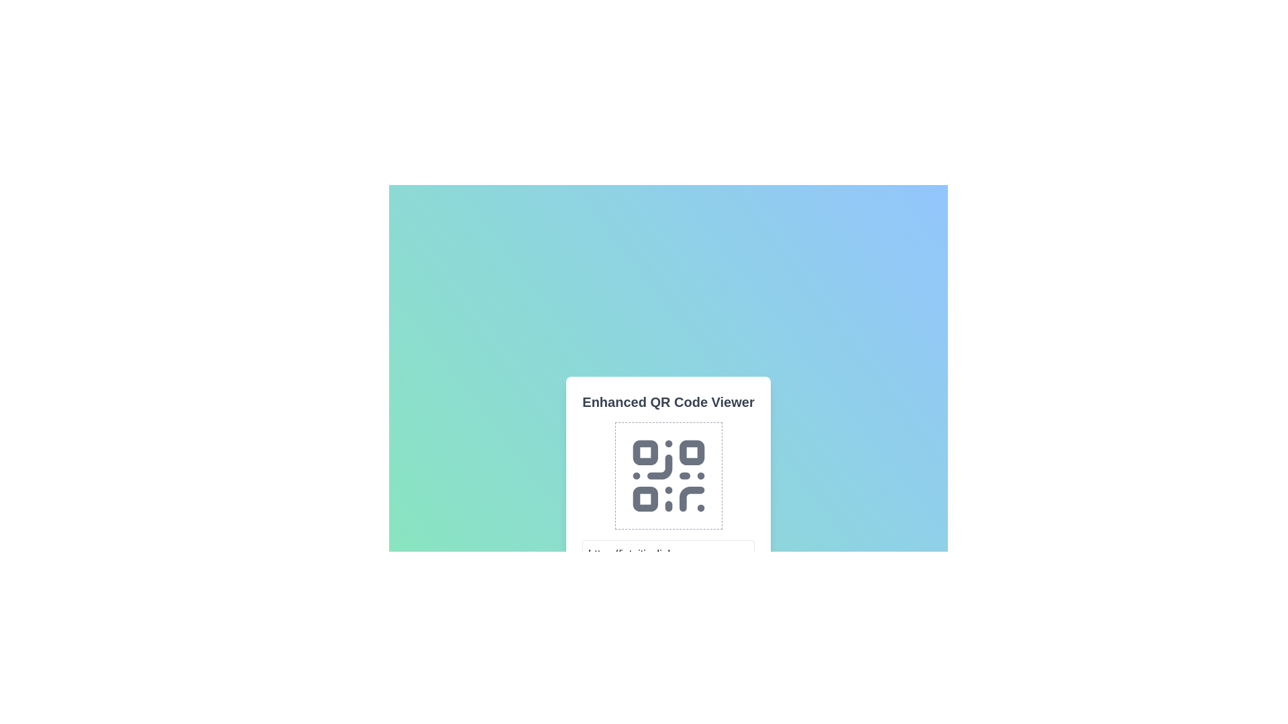 This screenshot has width=1288, height=724. I want to click on the Decorative QR code representation within the 'Enhanced QR Code Viewer' card, positioned below the title text and above the URL input field, so click(668, 475).